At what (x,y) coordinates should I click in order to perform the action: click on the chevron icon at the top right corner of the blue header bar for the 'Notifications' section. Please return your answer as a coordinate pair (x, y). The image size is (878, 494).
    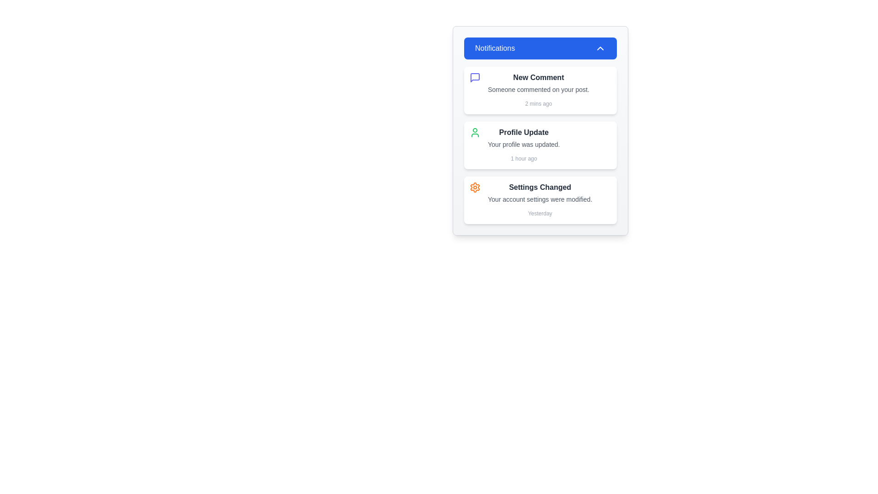
    Looking at the image, I should click on (600, 48).